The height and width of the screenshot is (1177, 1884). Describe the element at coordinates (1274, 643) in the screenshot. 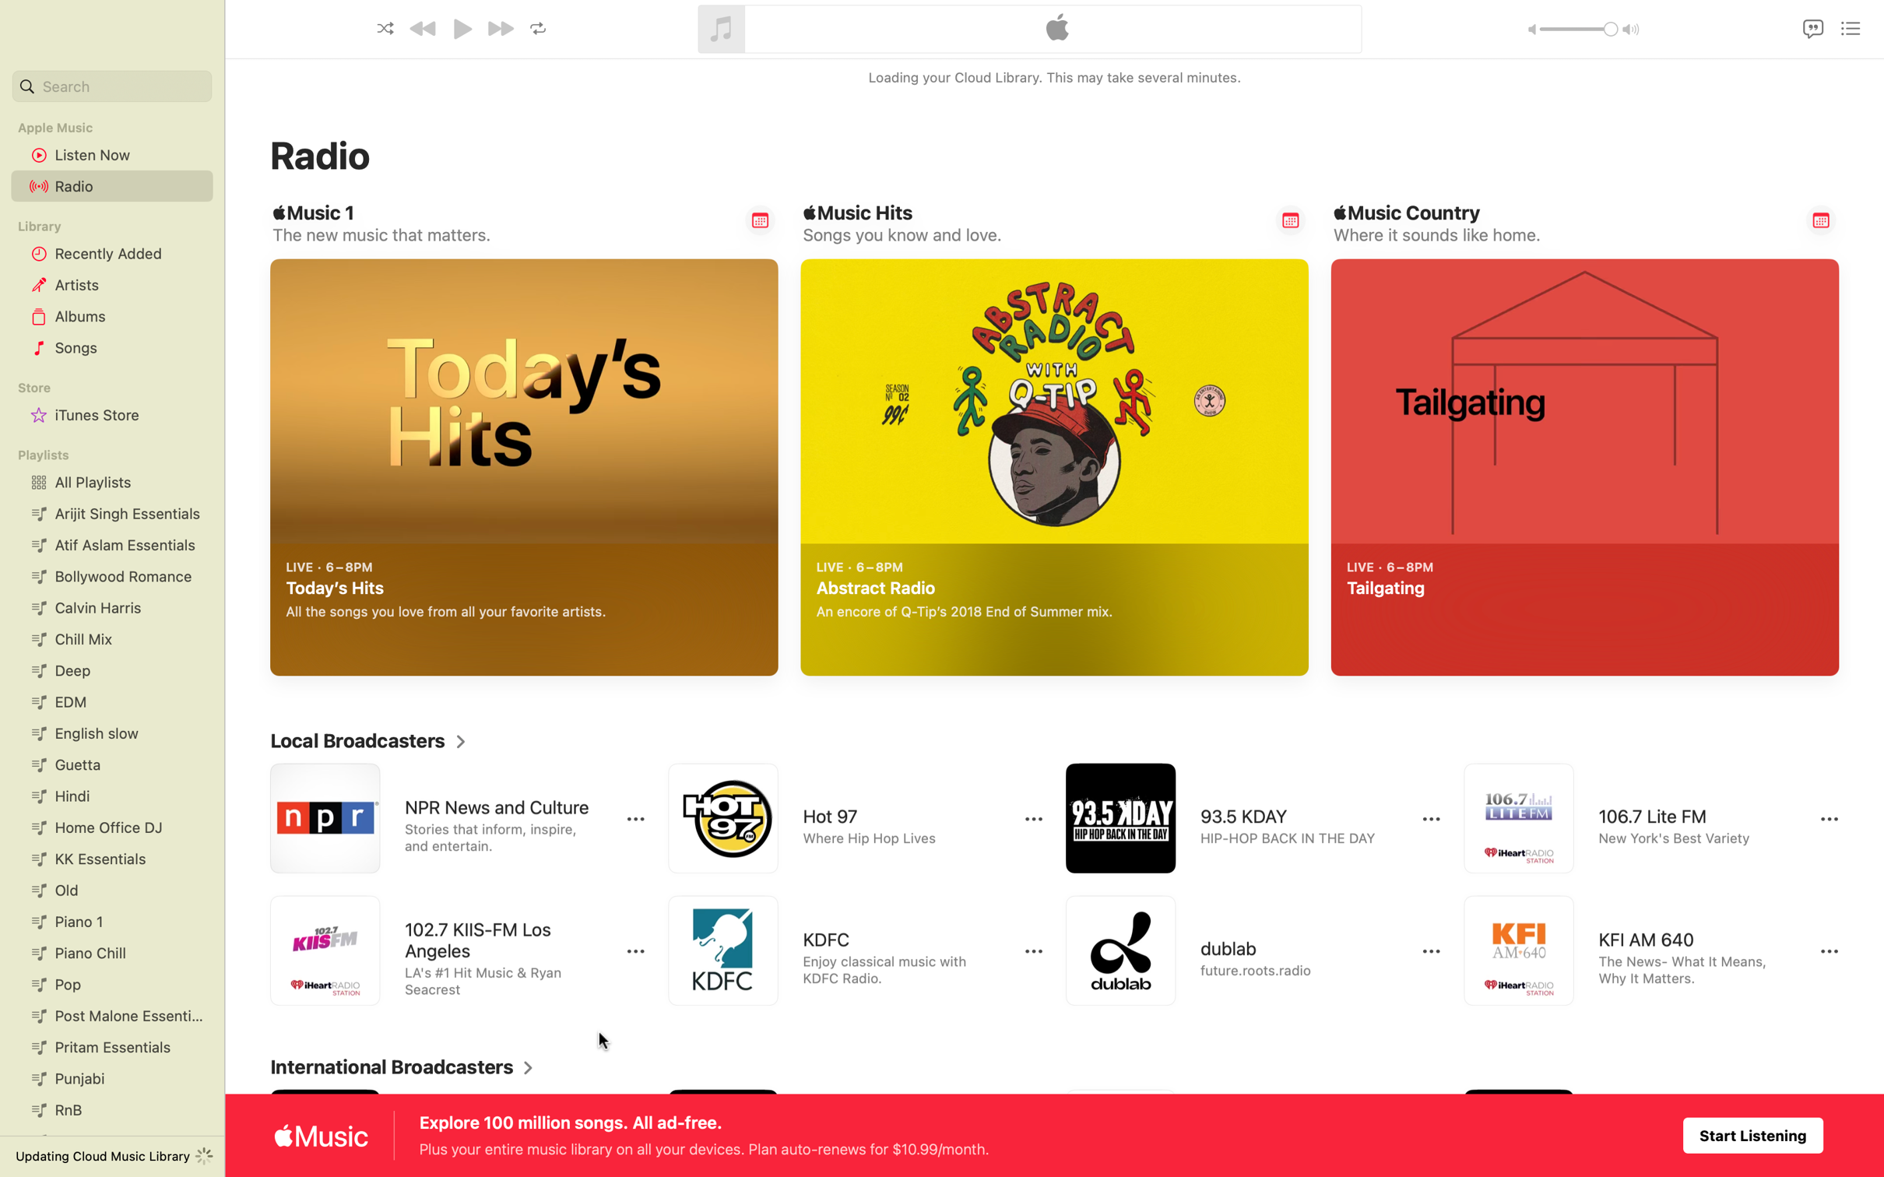

I see `Abstract Radio Playback` at that location.